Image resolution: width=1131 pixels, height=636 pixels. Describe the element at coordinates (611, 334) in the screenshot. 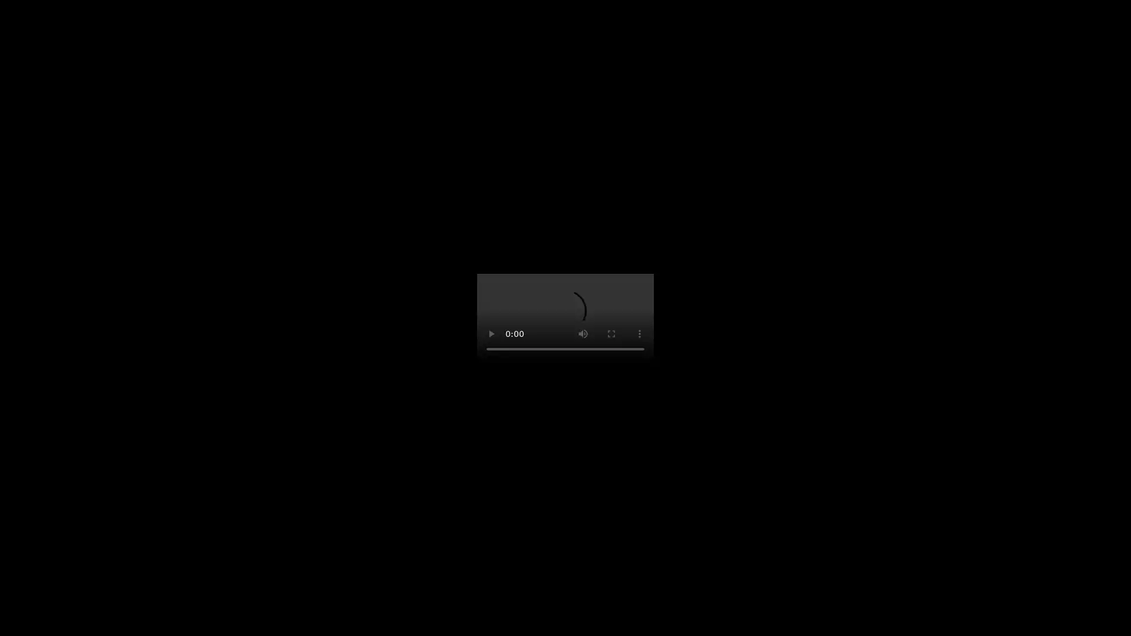

I see `enter full screen` at that location.